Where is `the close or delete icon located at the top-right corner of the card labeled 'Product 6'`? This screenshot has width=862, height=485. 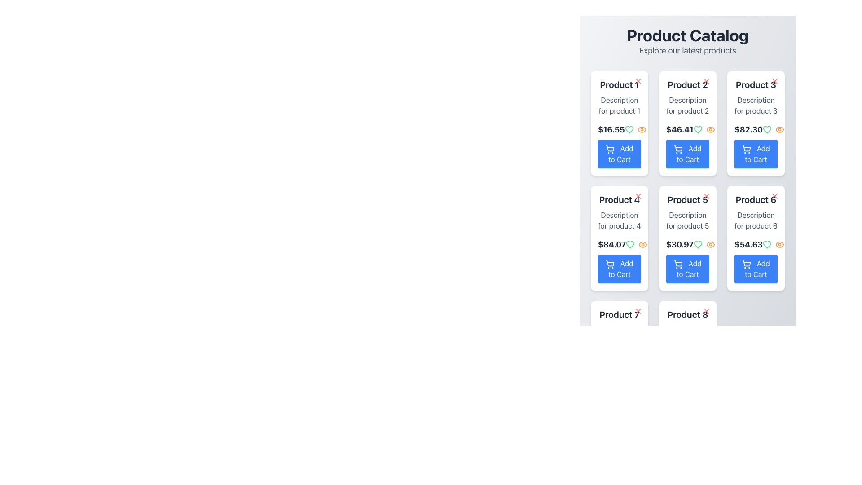
the close or delete icon located at the top-right corner of the card labeled 'Product 6' is located at coordinates (638, 311).